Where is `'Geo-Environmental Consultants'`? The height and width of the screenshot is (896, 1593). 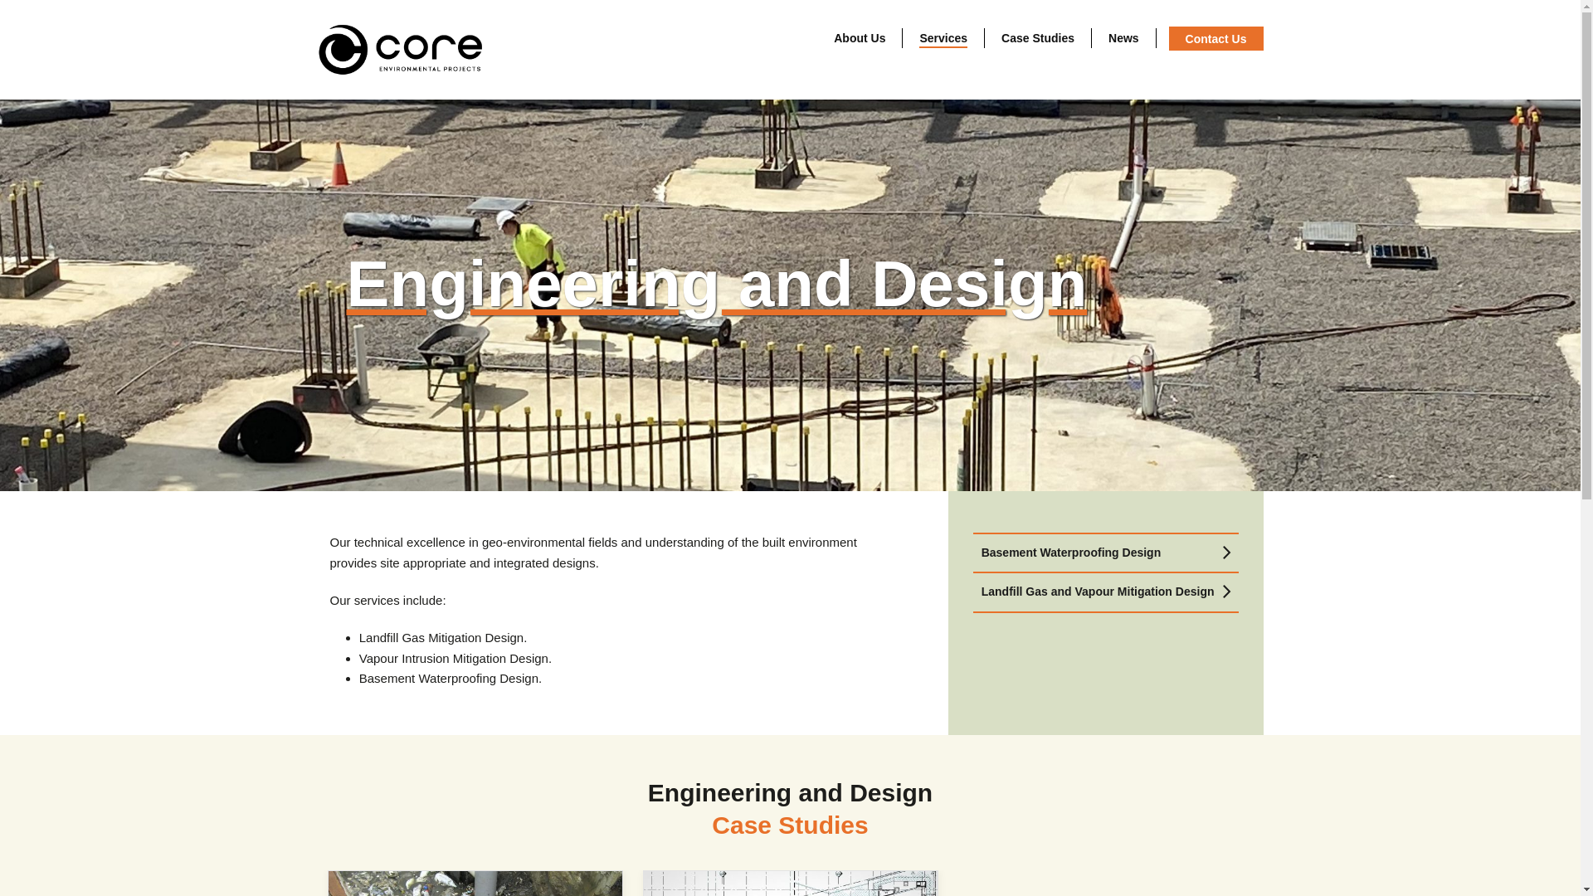
'Geo-Environmental Consultants' is located at coordinates (317, 49).